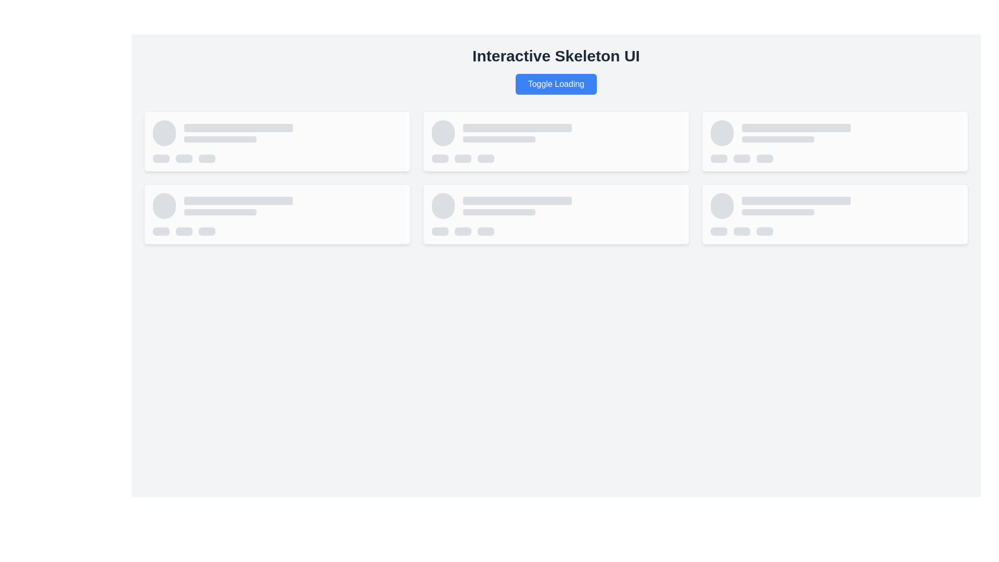  Describe the element at coordinates (556, 231) in the screenshot. I see `the third button in the horizontally aligned group of three button-like UI components with a light gray background and rounded borders, located inside the fourth card of the second row` at that location.